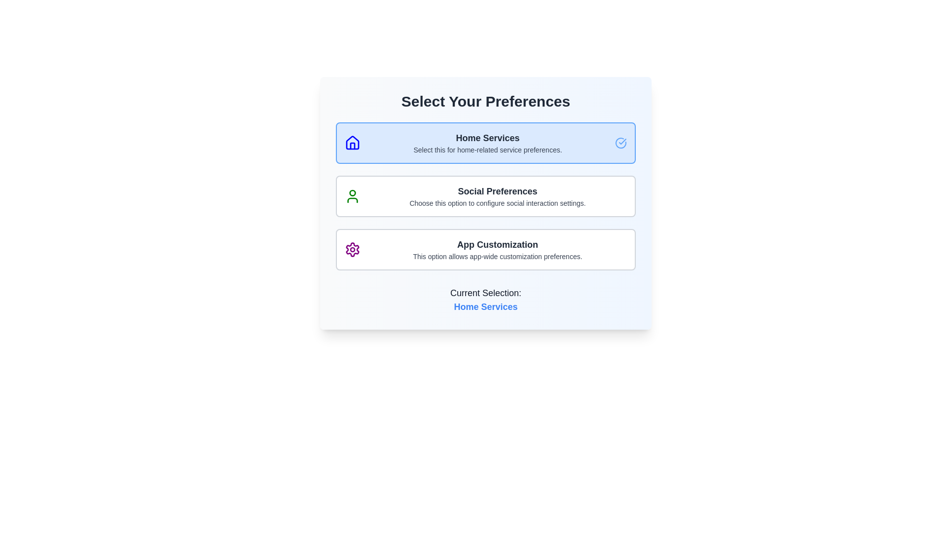  Describe the element at coordinates (353, 196) in the screenshot. I see `the green outlined human figure icon located to the left of the 'Social Preferences' title within the bordered rectangular section of the 'Social Preferences' card` at that location.